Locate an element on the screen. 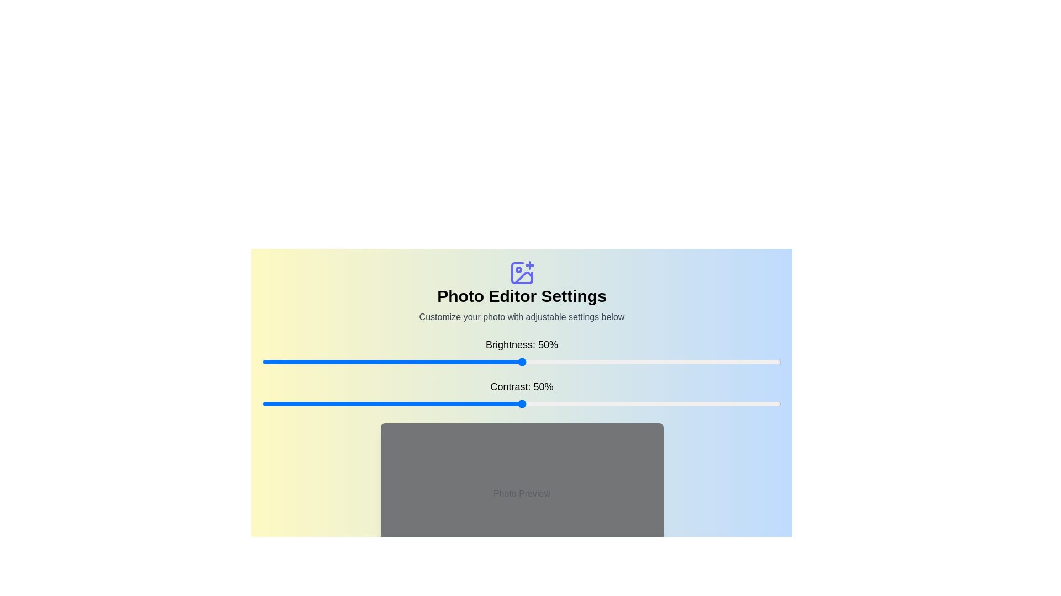 The height and width of the screenshot is (596, 1061). the brightness slider to 68% is located at coordinates (614, 361).